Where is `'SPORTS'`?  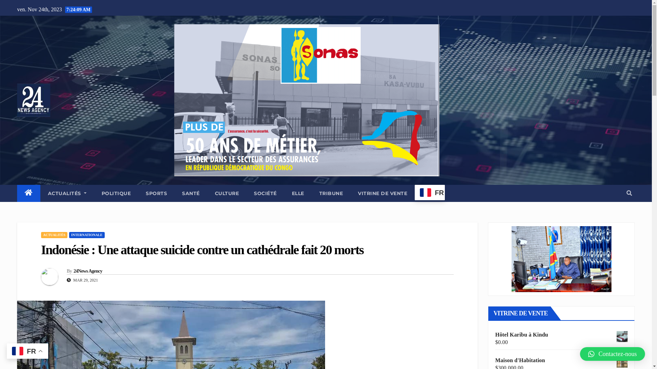 'SPORTS' is located at coordinates (156, 193).